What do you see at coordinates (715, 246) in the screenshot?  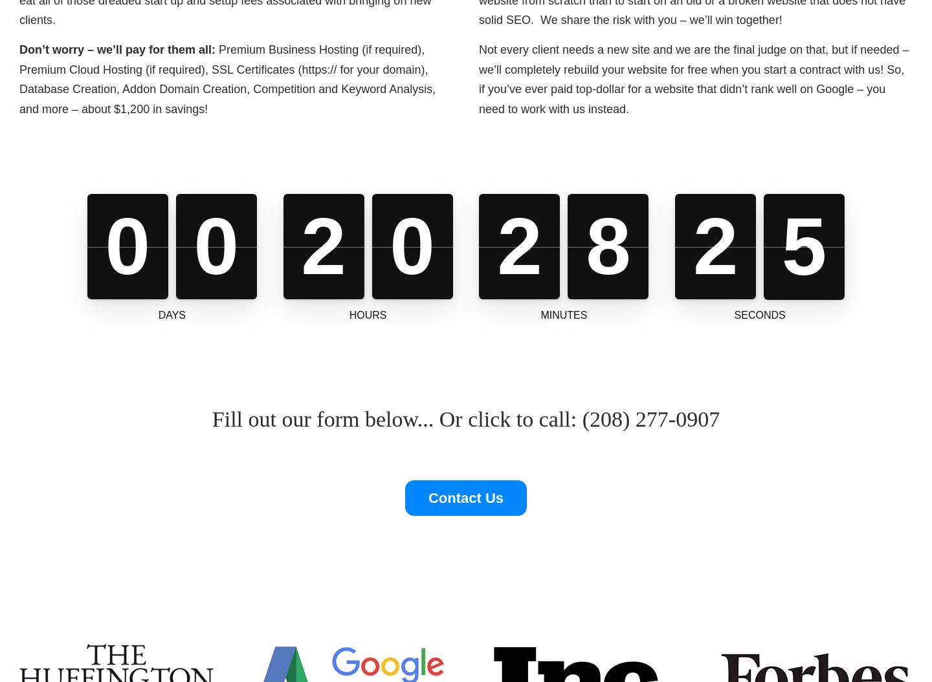 I see `'3'` at bounding box center [715, 246].